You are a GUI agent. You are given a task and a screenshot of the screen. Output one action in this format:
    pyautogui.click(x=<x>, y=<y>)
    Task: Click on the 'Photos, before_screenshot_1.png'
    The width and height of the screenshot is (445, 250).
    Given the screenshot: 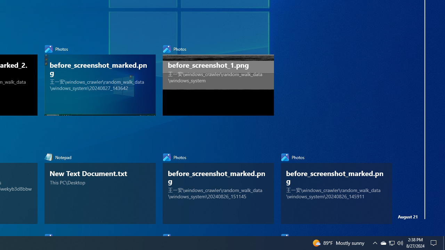 What is the action you would take?
    pyautogui.click(x=218, y=78)
    